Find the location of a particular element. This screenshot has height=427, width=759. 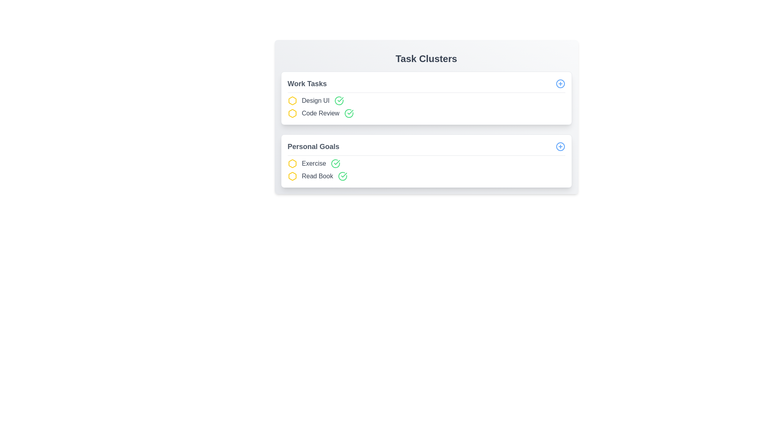

green check icon next to the task item labeled Exercise to mark it as completed is located at coordinates (335, 163).